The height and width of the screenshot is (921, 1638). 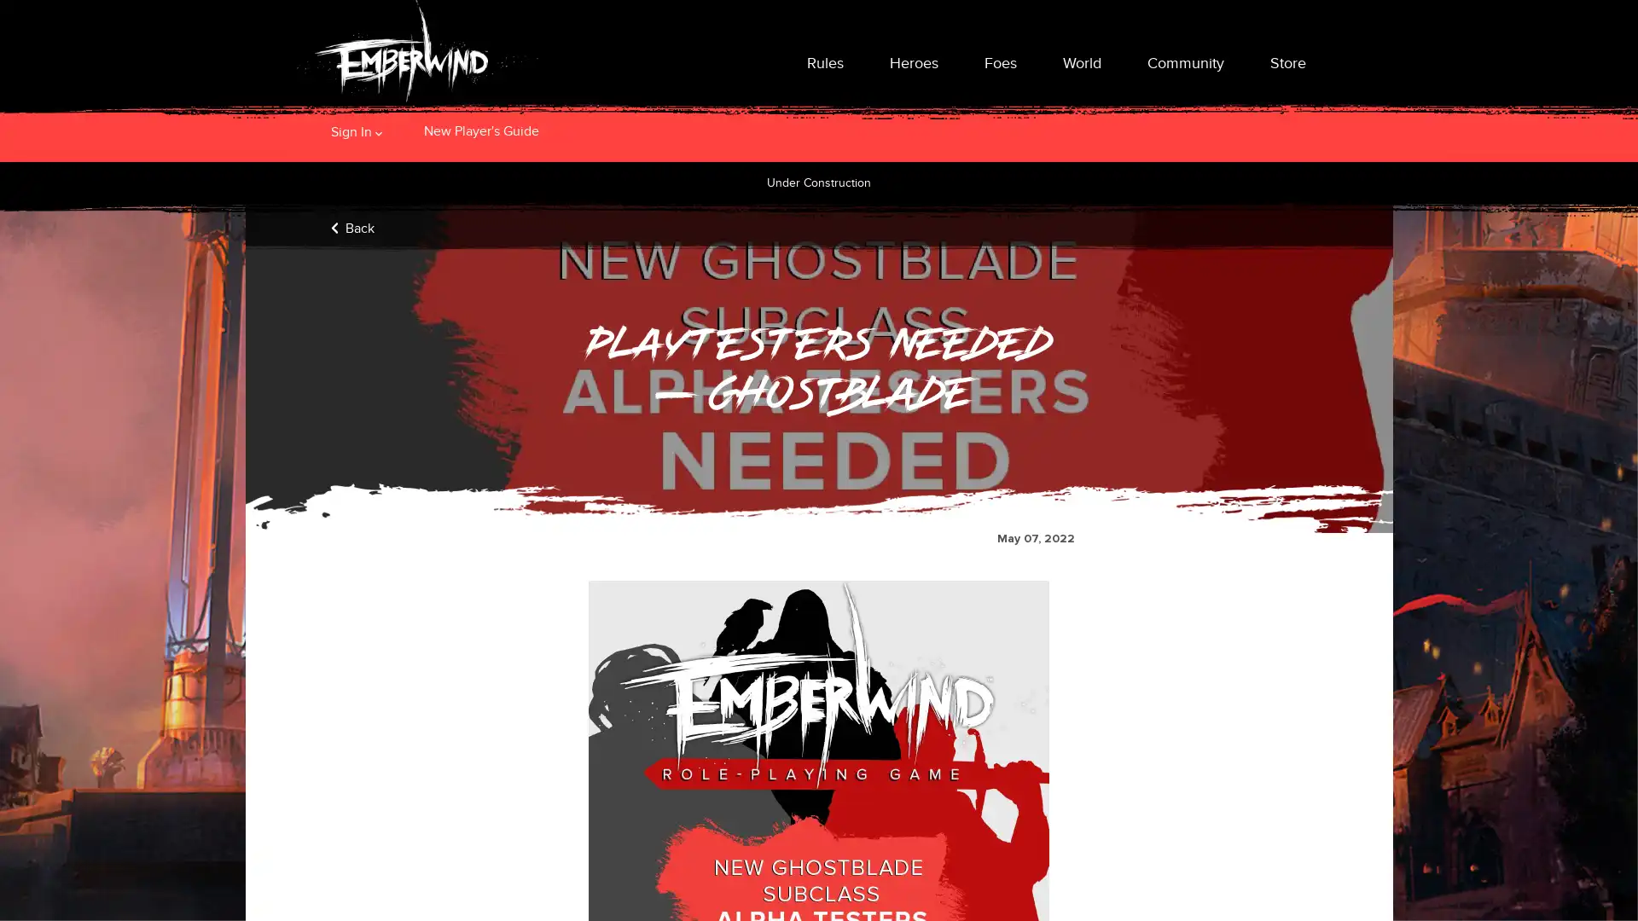 I want to click on Sign In, so click(x=350, y=130).